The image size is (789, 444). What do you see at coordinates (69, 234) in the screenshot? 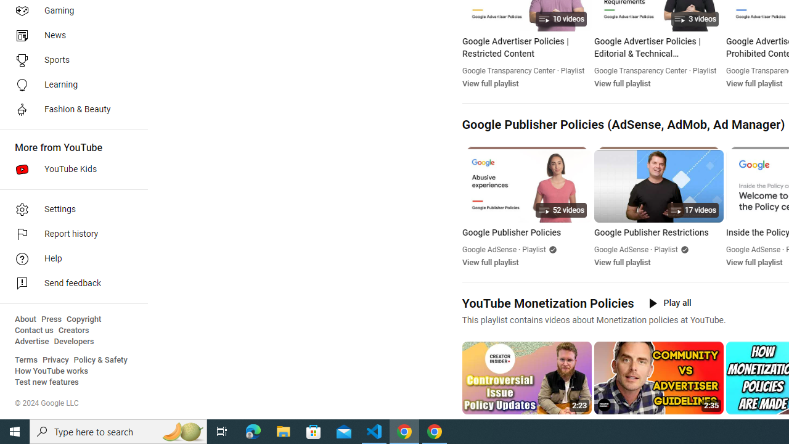
I see `'Report history'` at bounding box center [69, 234].